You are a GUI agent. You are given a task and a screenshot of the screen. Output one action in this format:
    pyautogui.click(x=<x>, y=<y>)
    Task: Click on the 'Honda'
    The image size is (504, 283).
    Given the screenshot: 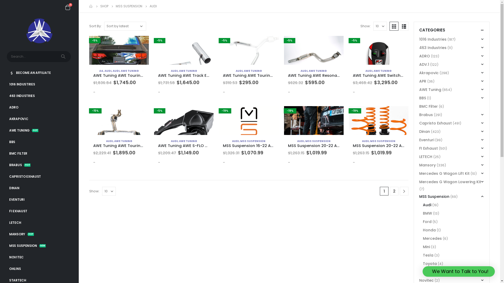 What is the action you would take?
    pyautogui.click(x=429, y=230)
    